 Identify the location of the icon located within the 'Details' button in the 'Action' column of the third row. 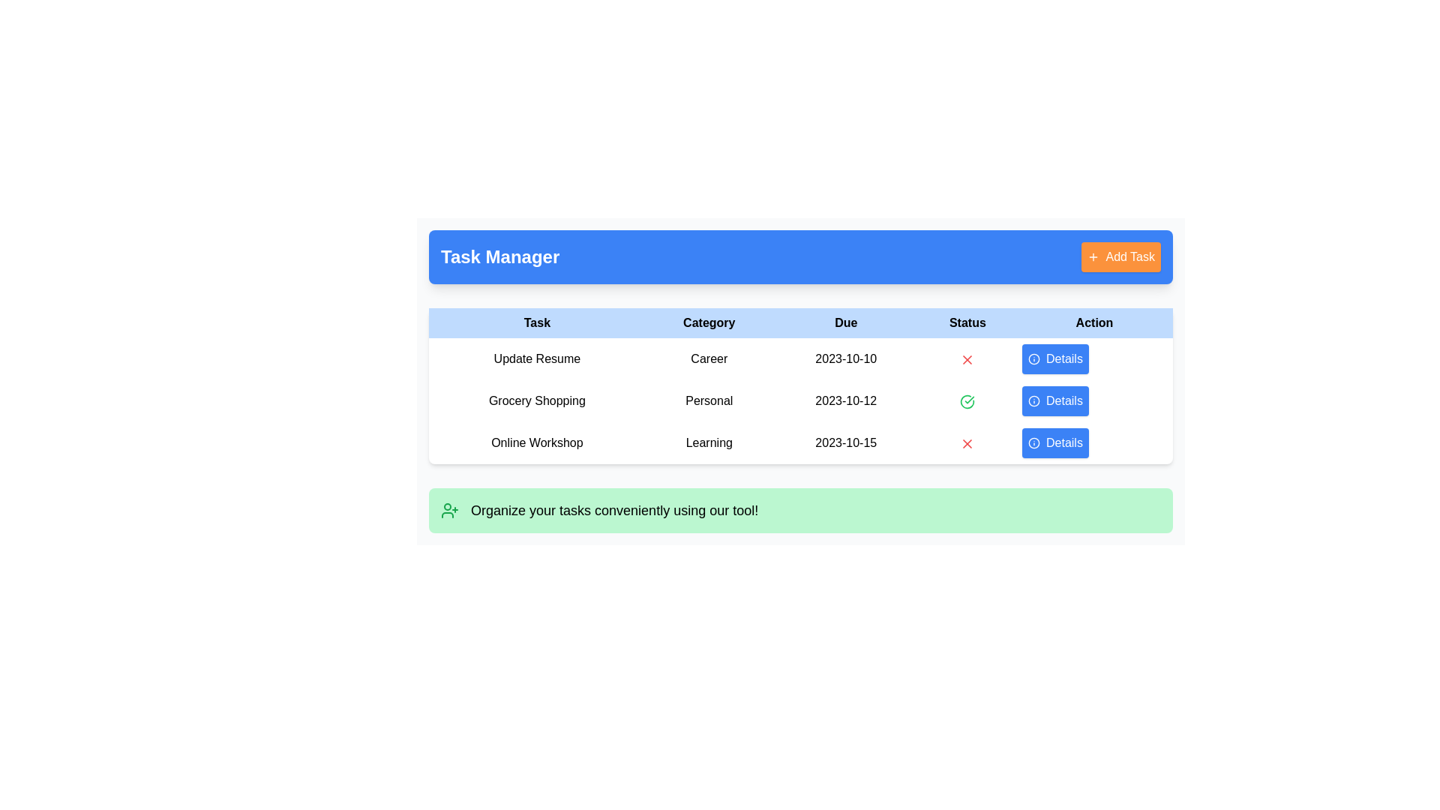
(1033, 442).